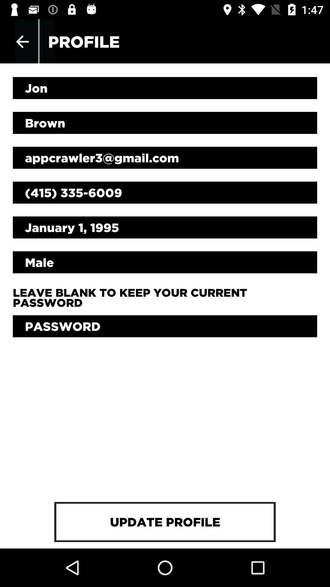  Describe the element at coordinates (165, 326) in the screenshot. I see `the password` at that location.